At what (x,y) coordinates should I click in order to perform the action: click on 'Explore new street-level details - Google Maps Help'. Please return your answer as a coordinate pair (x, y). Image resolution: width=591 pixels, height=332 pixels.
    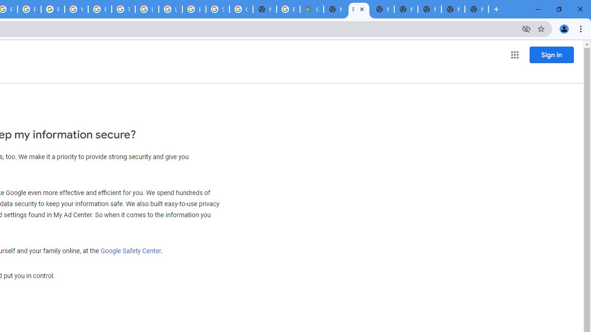
    Looking at the image, I should click on (288, 9).